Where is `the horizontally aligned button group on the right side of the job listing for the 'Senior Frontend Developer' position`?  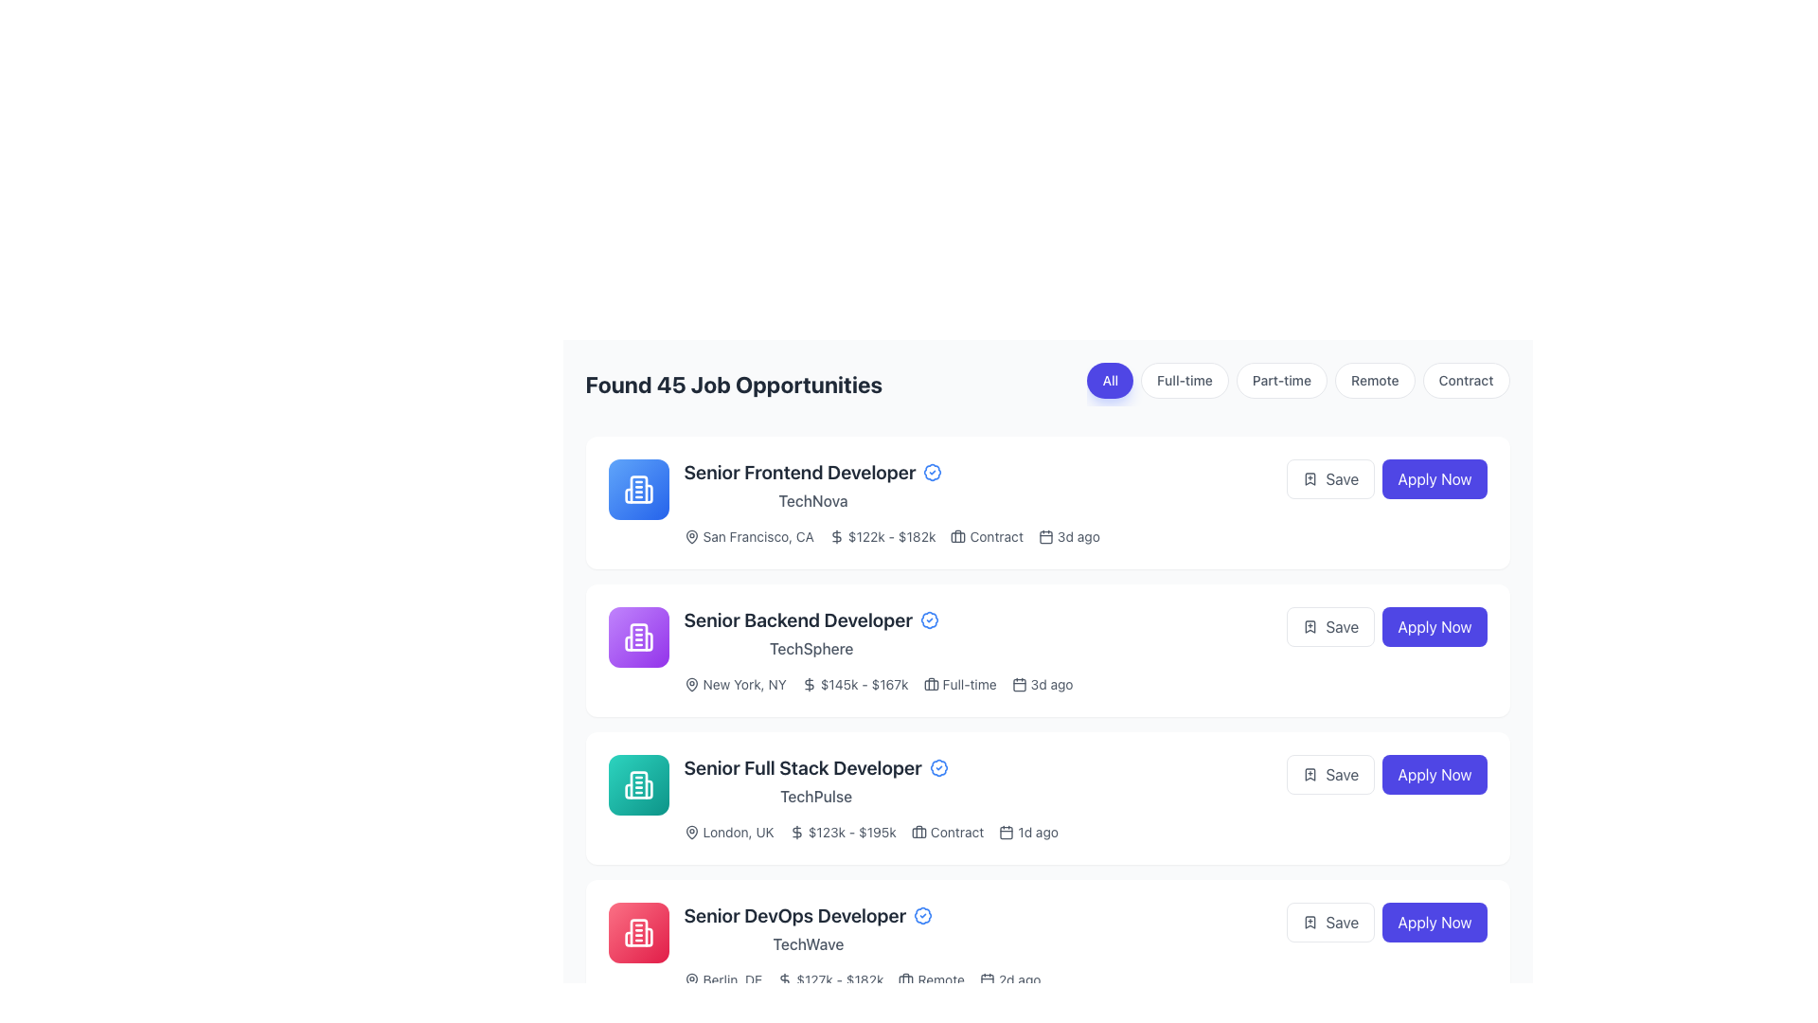 the horizontally aligned button group on the right side of the job listing for the 'Senior Frontend Developer' position is located at coordinates (1386, 477).